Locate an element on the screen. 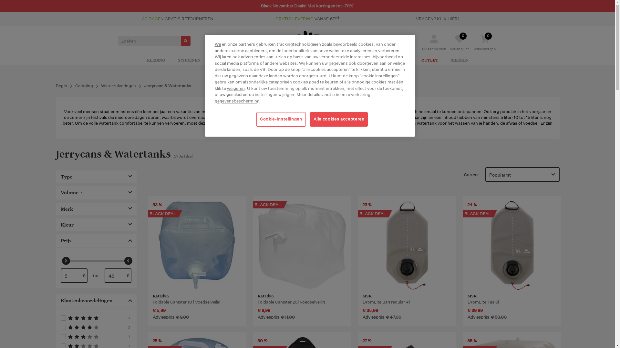 This screenshot has width=620, height=348. 'Cookie-instellingen' is located at coordinates (281, 119).